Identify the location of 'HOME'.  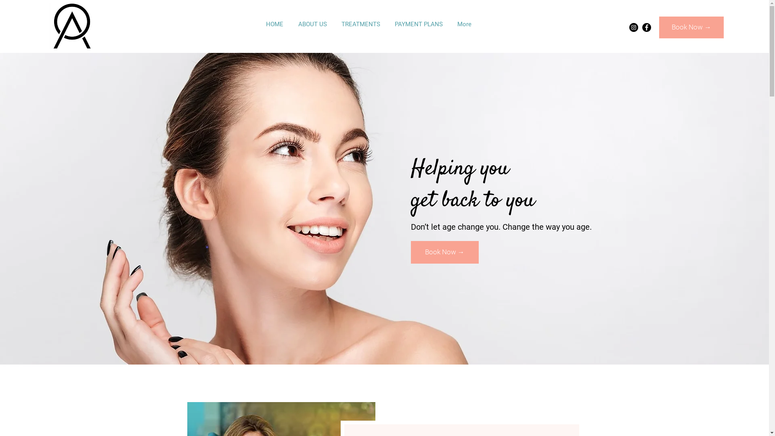
(274, 24).